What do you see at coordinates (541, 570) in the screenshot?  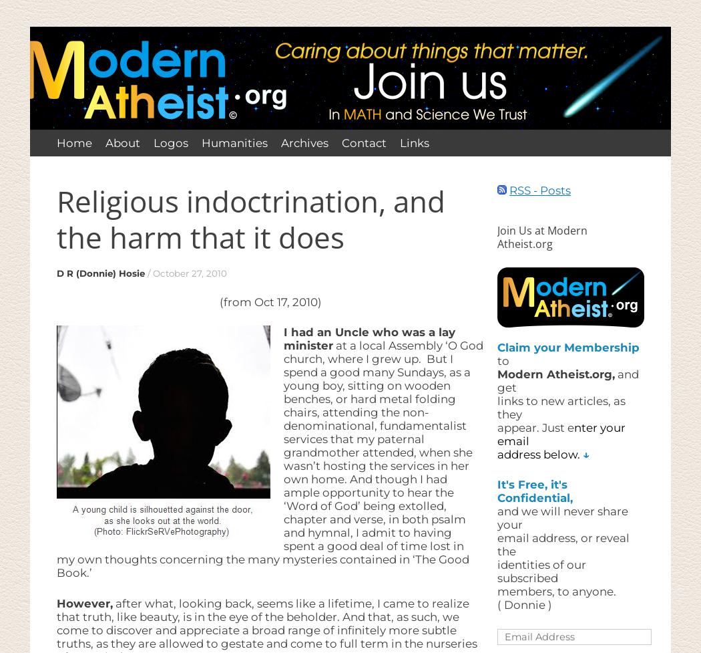 I see `'identities of our subscribed'` at bounding box center [541, 570].